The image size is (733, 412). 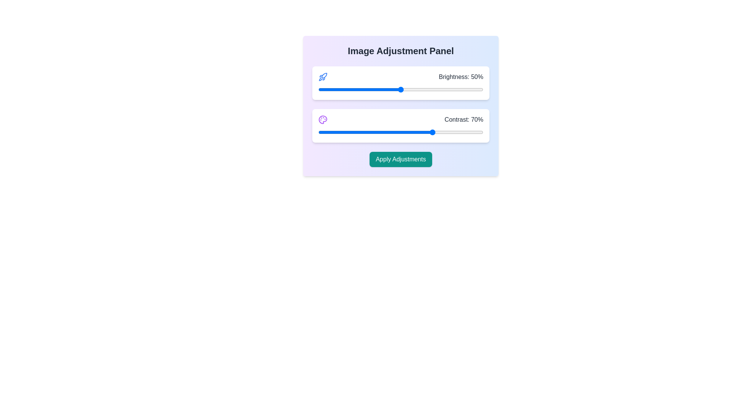 I want to click on the contrast slider to 0%, so click(x=318, y=132).